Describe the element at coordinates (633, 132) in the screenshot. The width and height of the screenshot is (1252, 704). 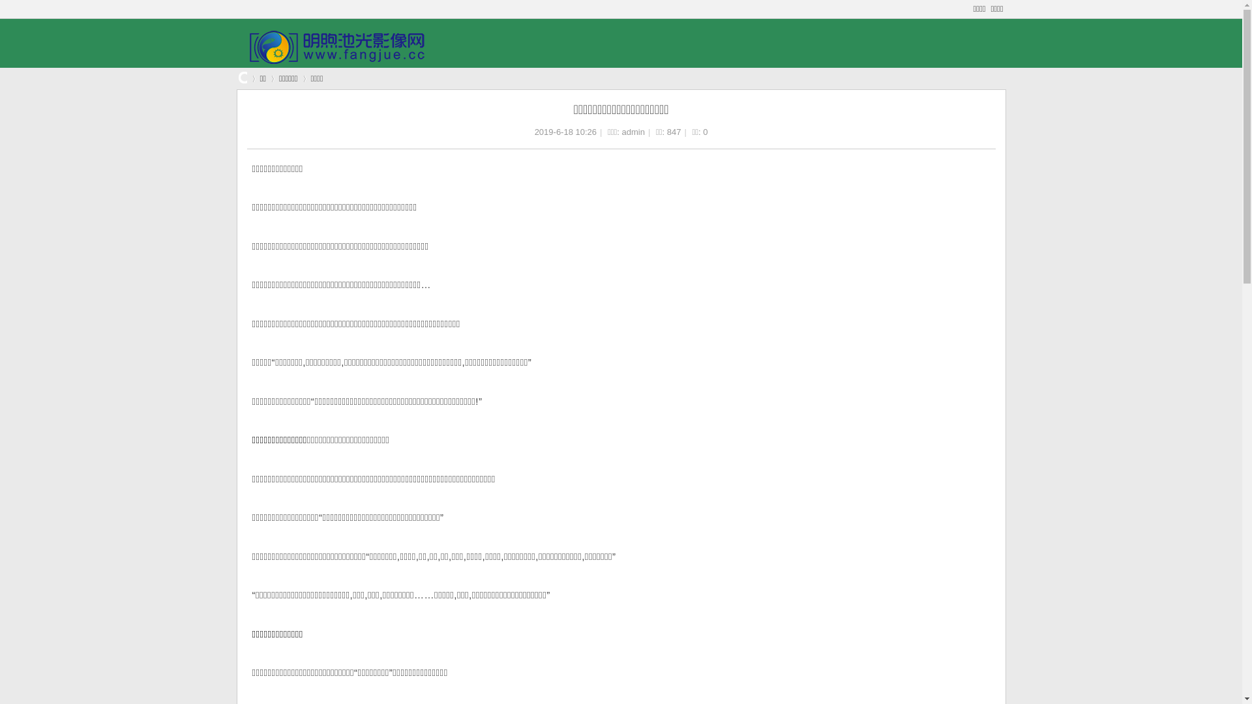
I see `'admin'` at that location.